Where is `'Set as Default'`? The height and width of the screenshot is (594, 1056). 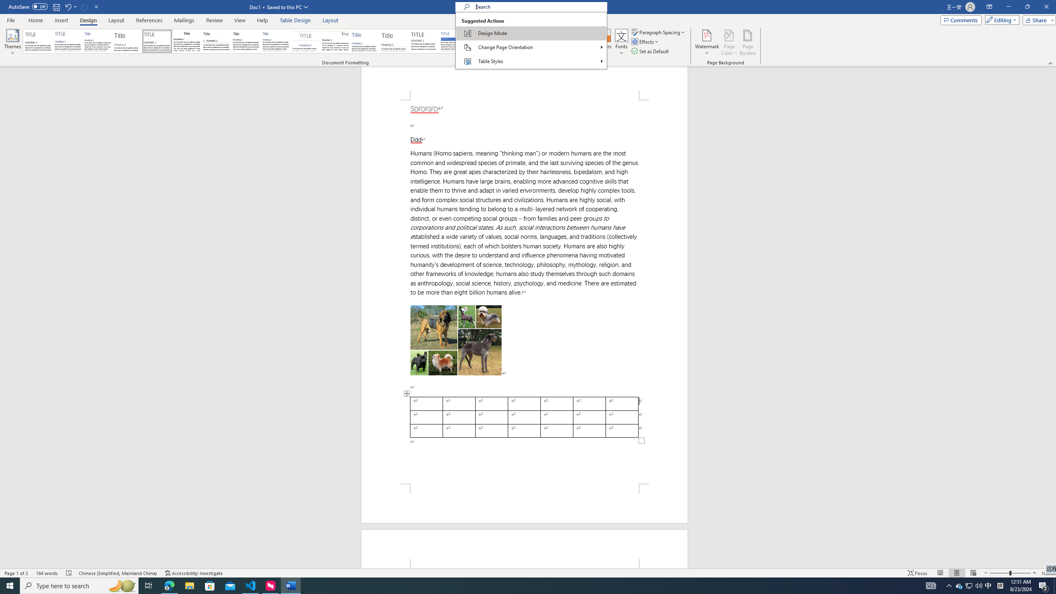 'Set as Default' is located at coordinates (651, 50).